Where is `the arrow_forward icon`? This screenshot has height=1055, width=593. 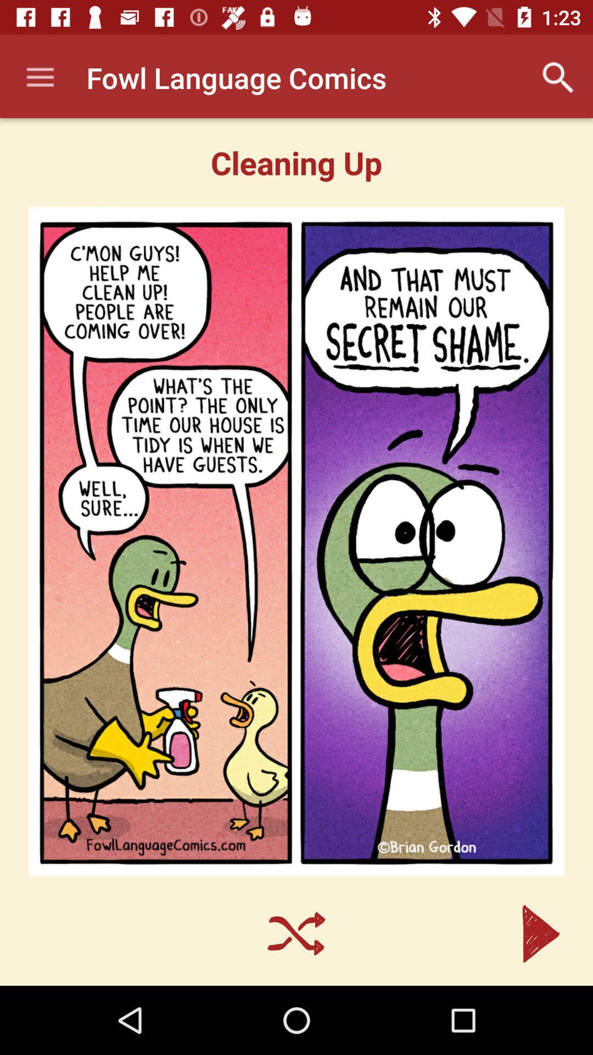 the arrow_forward icon is located at coordinates (540, 933).